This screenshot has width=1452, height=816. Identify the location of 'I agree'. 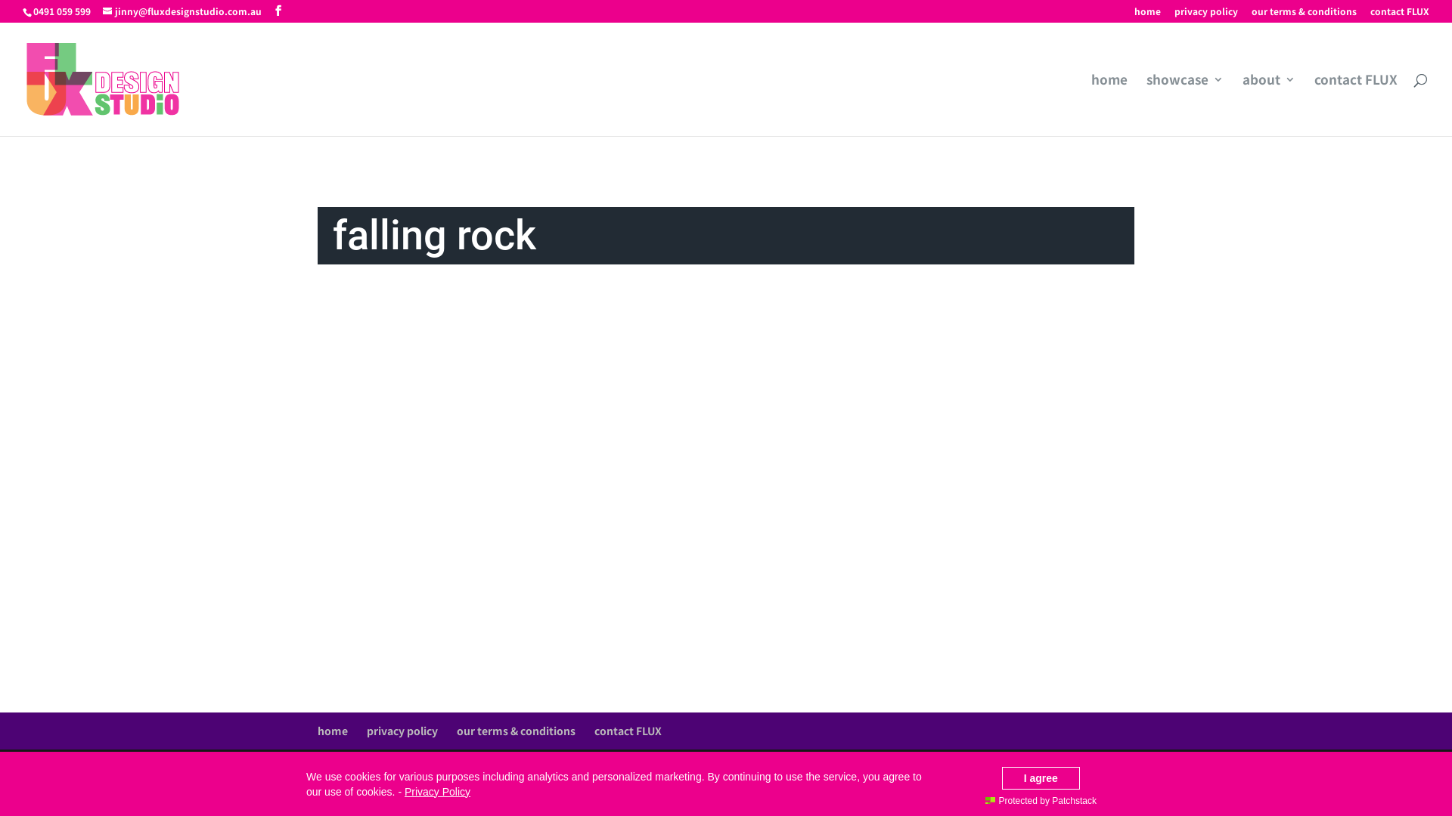
(1040, 777).